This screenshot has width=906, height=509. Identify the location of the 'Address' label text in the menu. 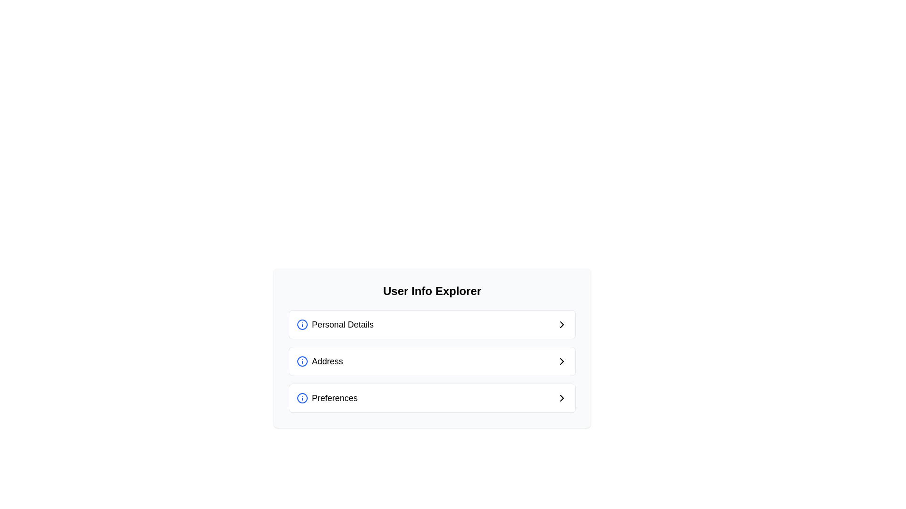
(327, 361).